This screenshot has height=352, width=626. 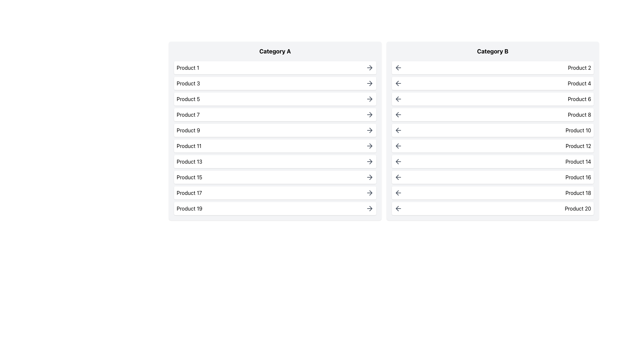 I want to click on text of the bold heading labeled 'Category B', which is located at the top center of the panel titled 'Category B', so click(x=493, y=51).